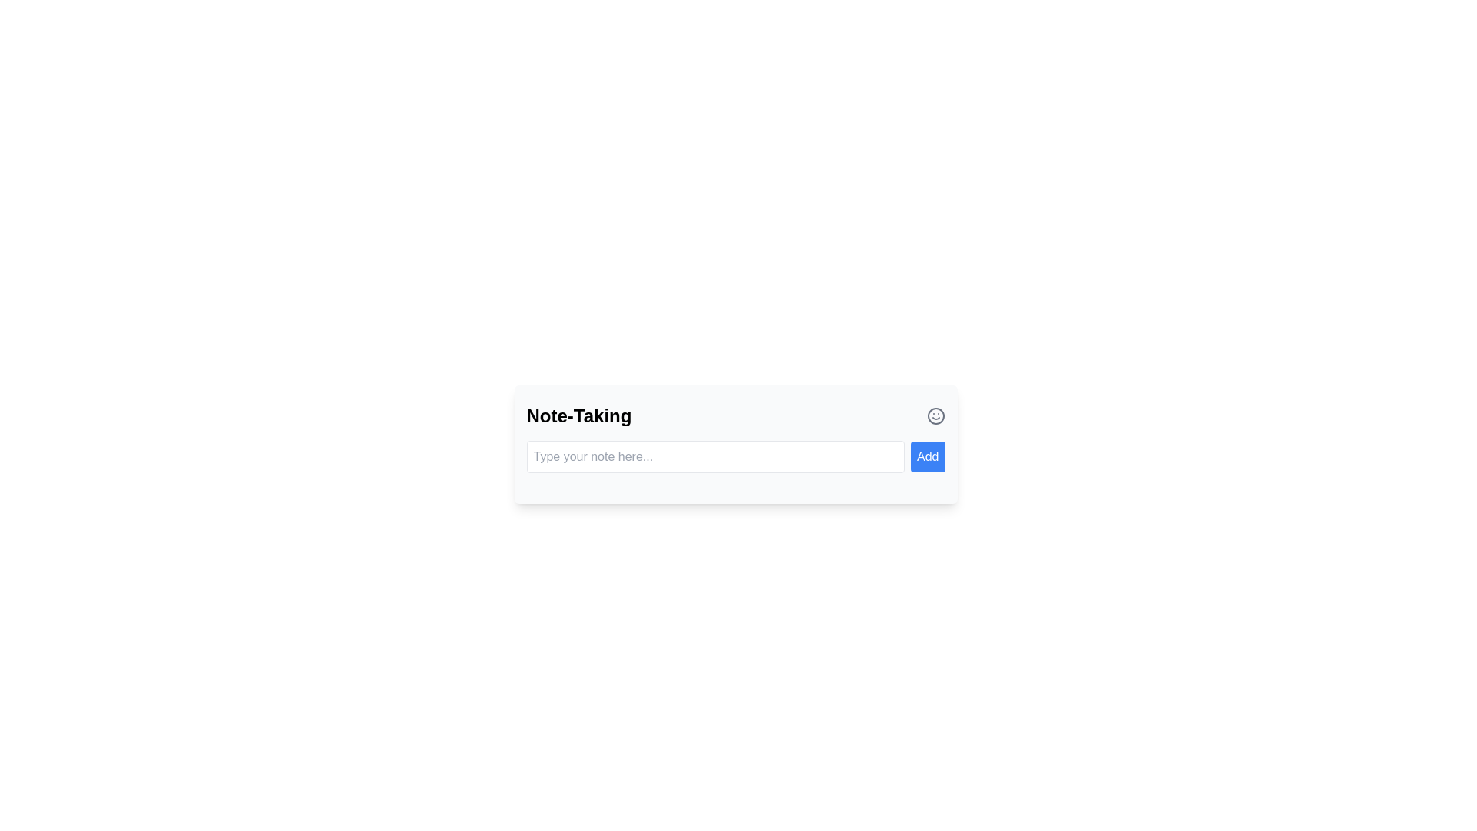 This screenshot has height=831, width=1477. Describe the element at coordinates (935, 415) in the screenshot. I see `the decorative or status-related indicator icon located in the header of the 'Note-Taking' section, positioned to the far right of the header line next to the 'Note-Taking' title` at that location.